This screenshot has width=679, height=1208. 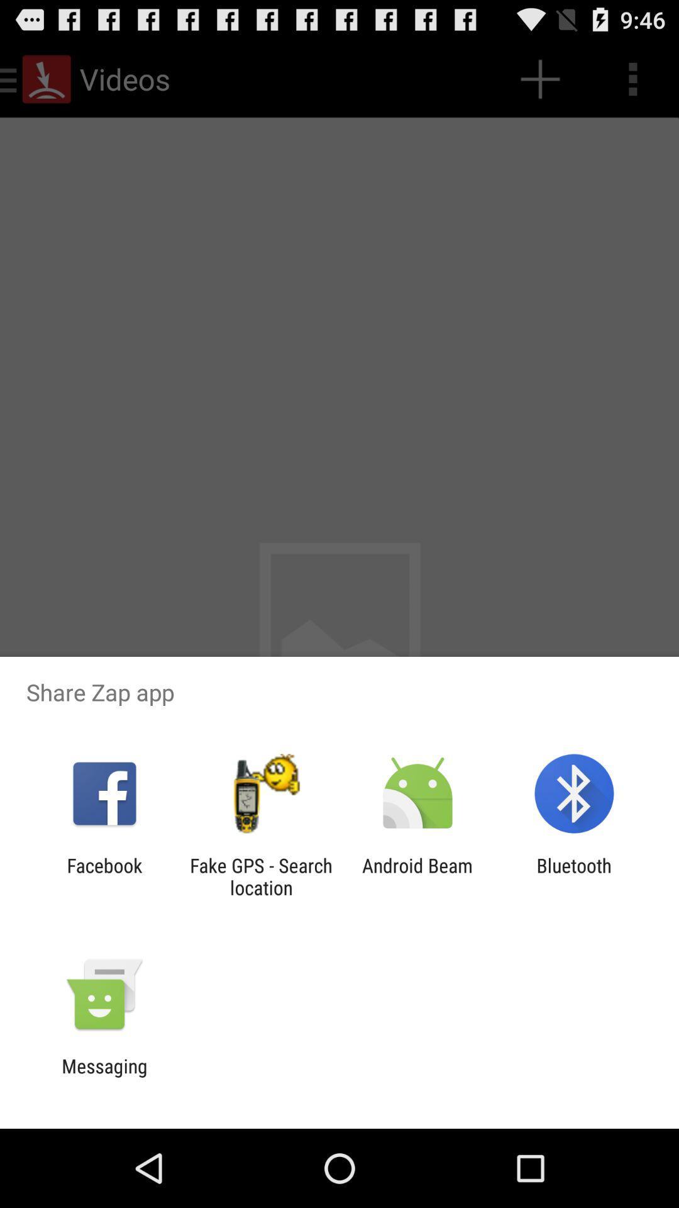 What do you see at coordinates (260, 876) in the screenshot?
I see `app next to facebook` at bounding box center [260, 876].